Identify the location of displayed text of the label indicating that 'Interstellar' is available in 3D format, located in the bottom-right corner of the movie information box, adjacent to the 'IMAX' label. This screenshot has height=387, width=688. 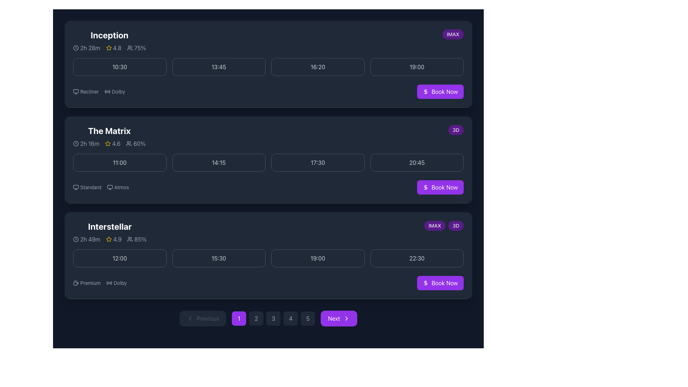
(455, 225).